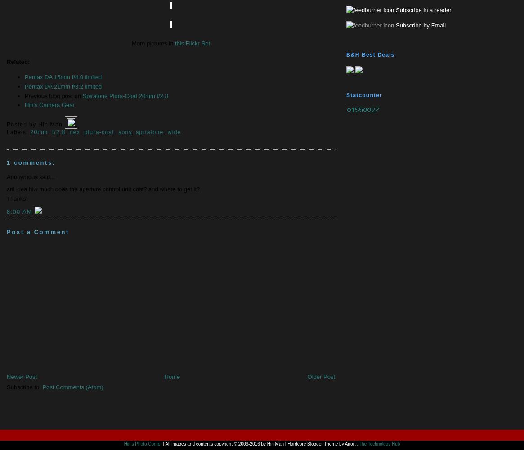  I want to click on 'Anonymous
said...', so click(30, 176).